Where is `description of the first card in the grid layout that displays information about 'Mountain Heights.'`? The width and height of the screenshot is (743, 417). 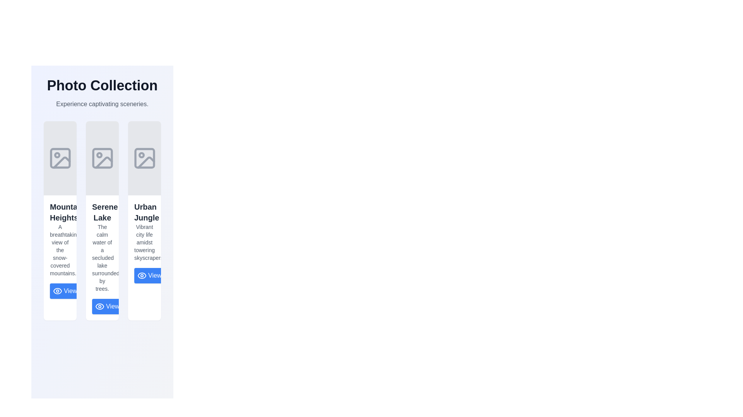 description of the first card in the grid layout that displays information about 'Mountain Heights.' is located at coordinates (60, 220).